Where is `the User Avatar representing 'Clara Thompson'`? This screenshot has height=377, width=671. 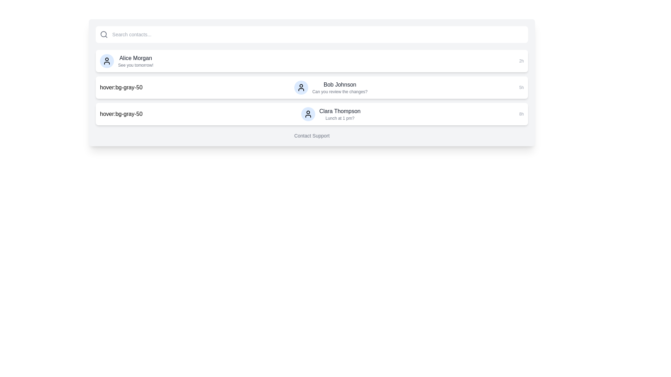 the User Avatar representing 'Clara Thompson' is located at coordinates (308, 114).